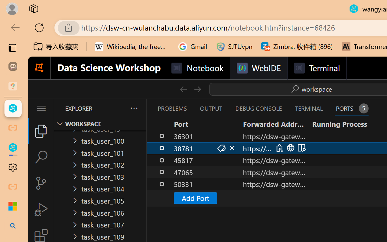 This screenshot has width=387, height=242. Describe the element at coordinates (309, 108) in the screenshot. I see `'Terminal (Ctrl+`)'` at that location.